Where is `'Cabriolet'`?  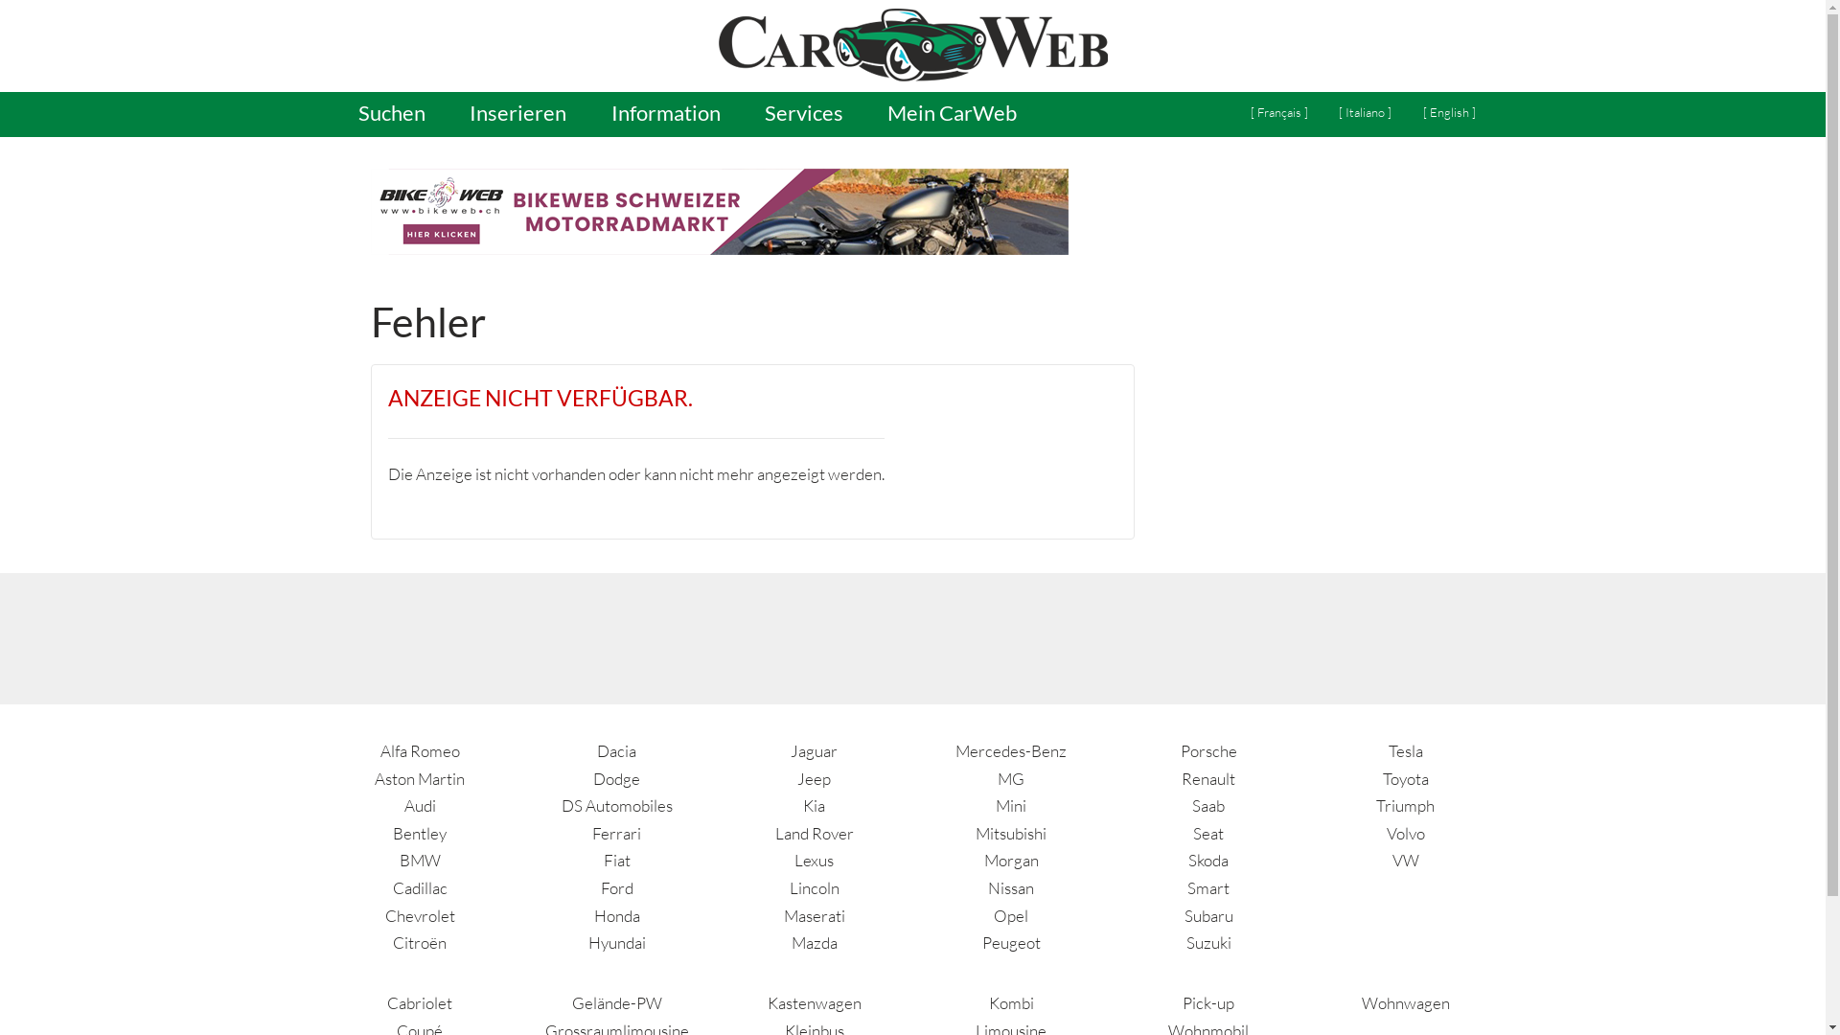 'Cabriolet' is located at coordinates (418, 1001).